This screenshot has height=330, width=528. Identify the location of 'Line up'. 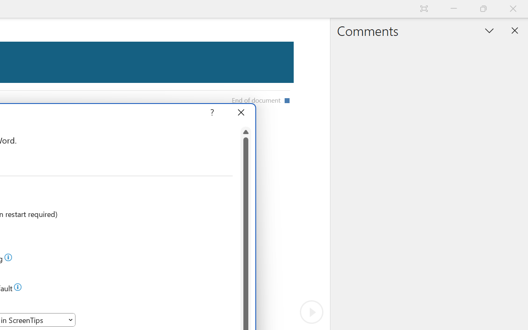
(245, 132).